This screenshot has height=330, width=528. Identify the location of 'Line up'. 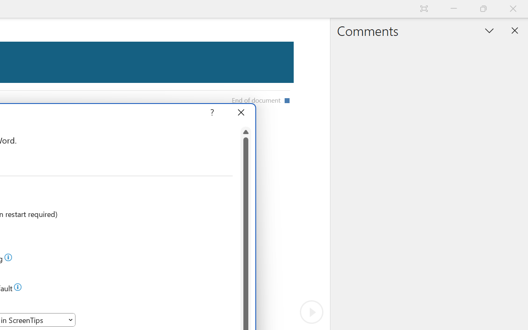
(245, 132).